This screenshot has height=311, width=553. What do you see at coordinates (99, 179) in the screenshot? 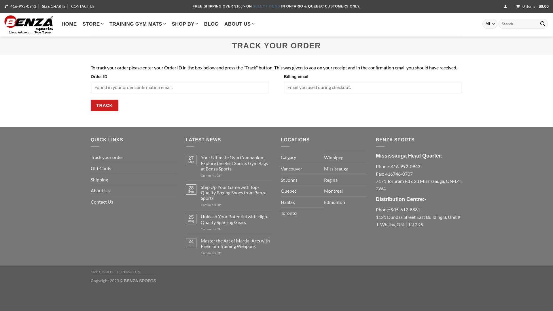
I see `'Shipping'` at bounding box center [99, 179].